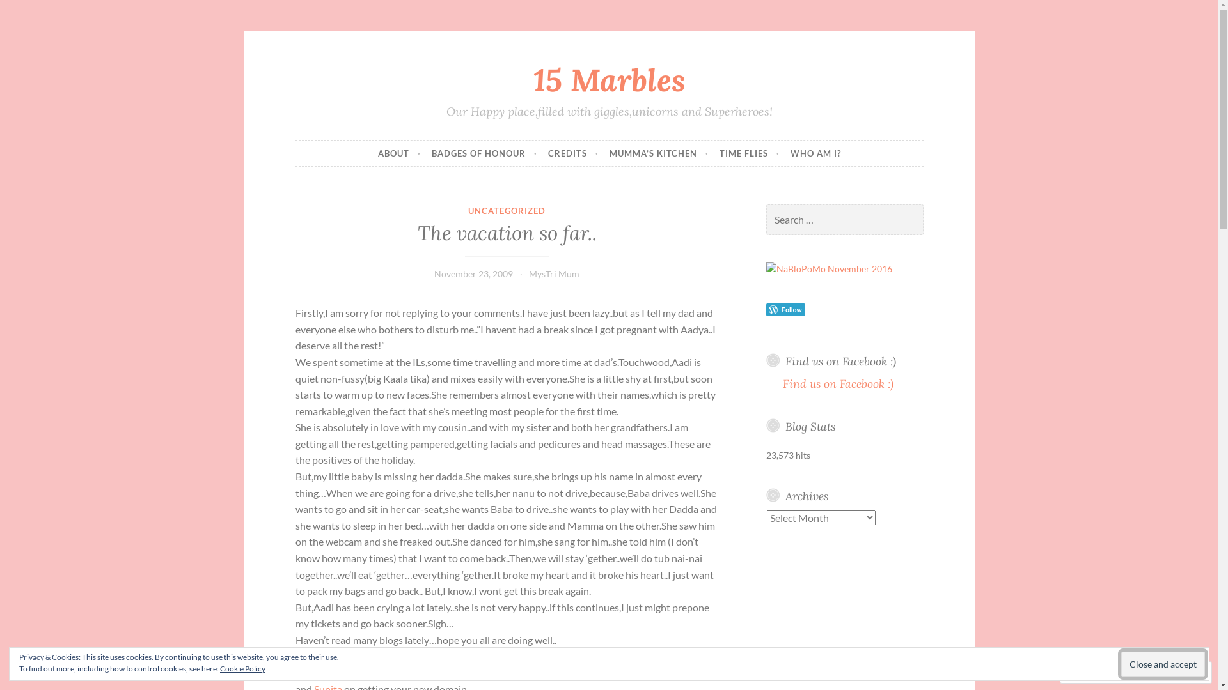  I want to click on 'UNCATEGORIZED', so click(506, 210).